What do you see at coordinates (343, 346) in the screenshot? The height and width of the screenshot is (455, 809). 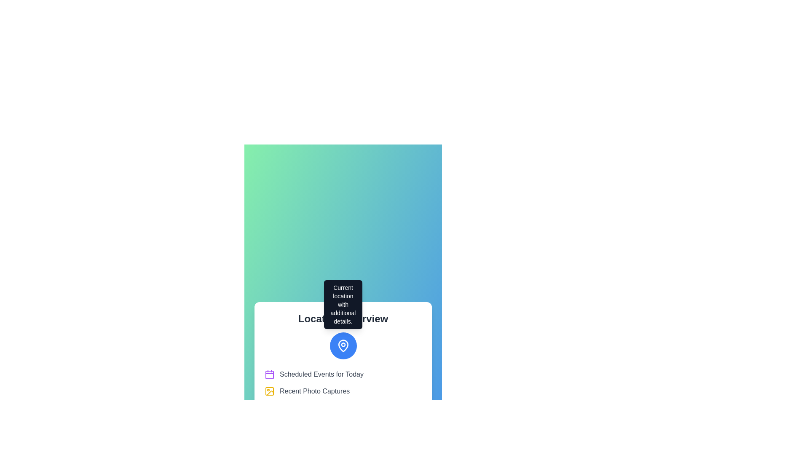 I see `the location pin icon, which is centered within a circular blue background in the 'Current location' section` at bounding box center [343, 346].